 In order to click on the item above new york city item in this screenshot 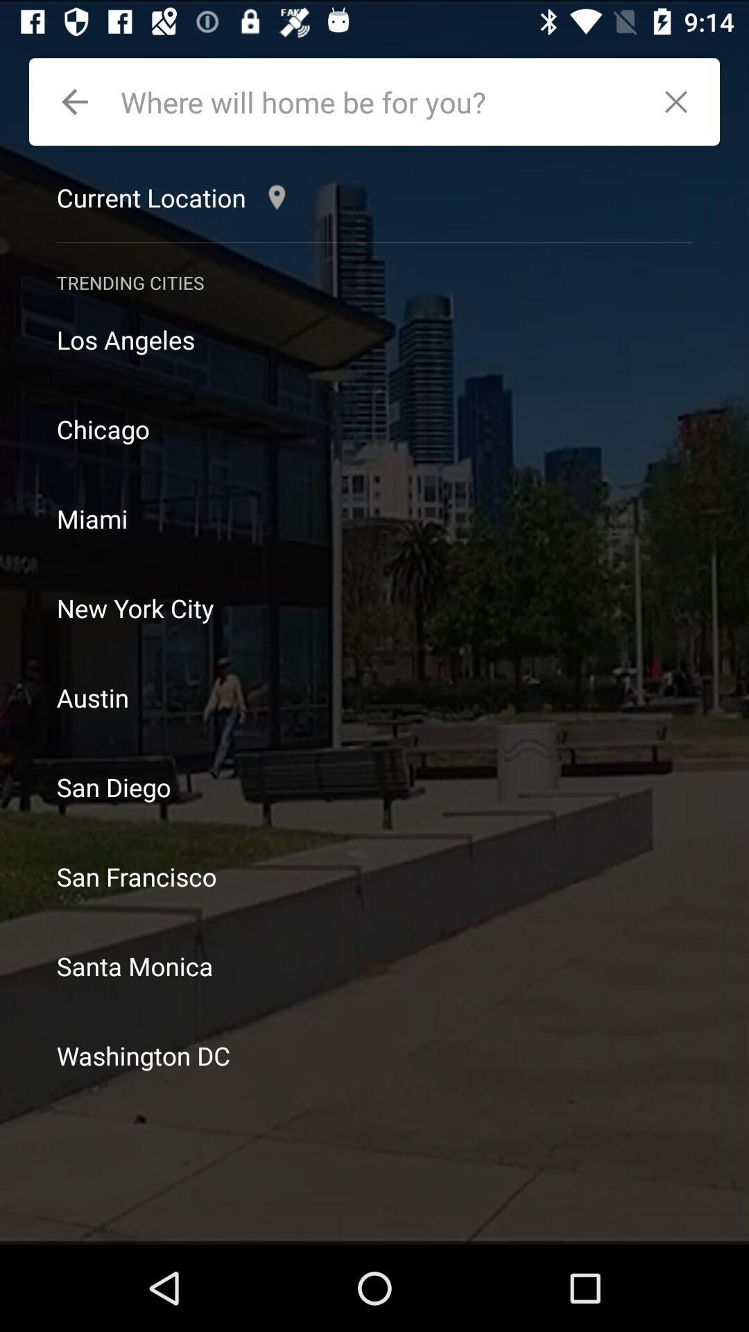, I will do `click(374, 518)`.